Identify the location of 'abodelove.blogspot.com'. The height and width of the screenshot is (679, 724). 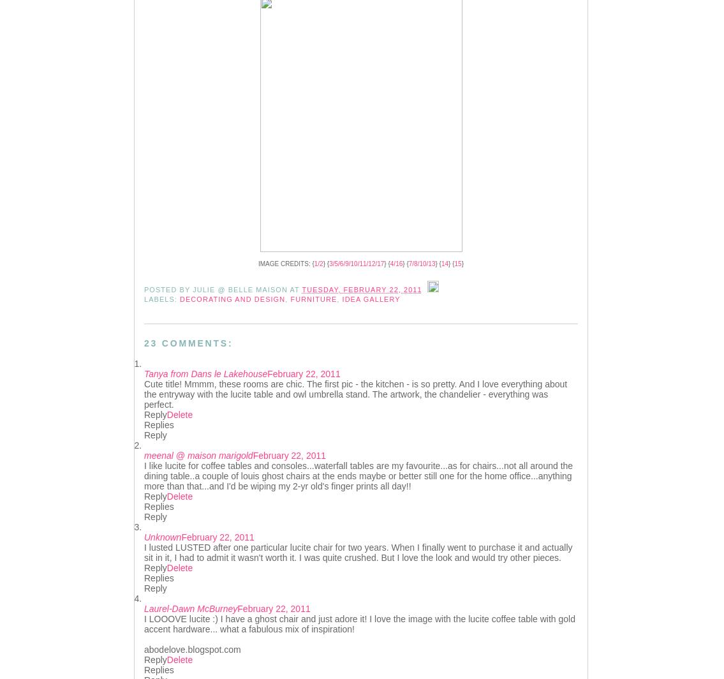
(192, 650).